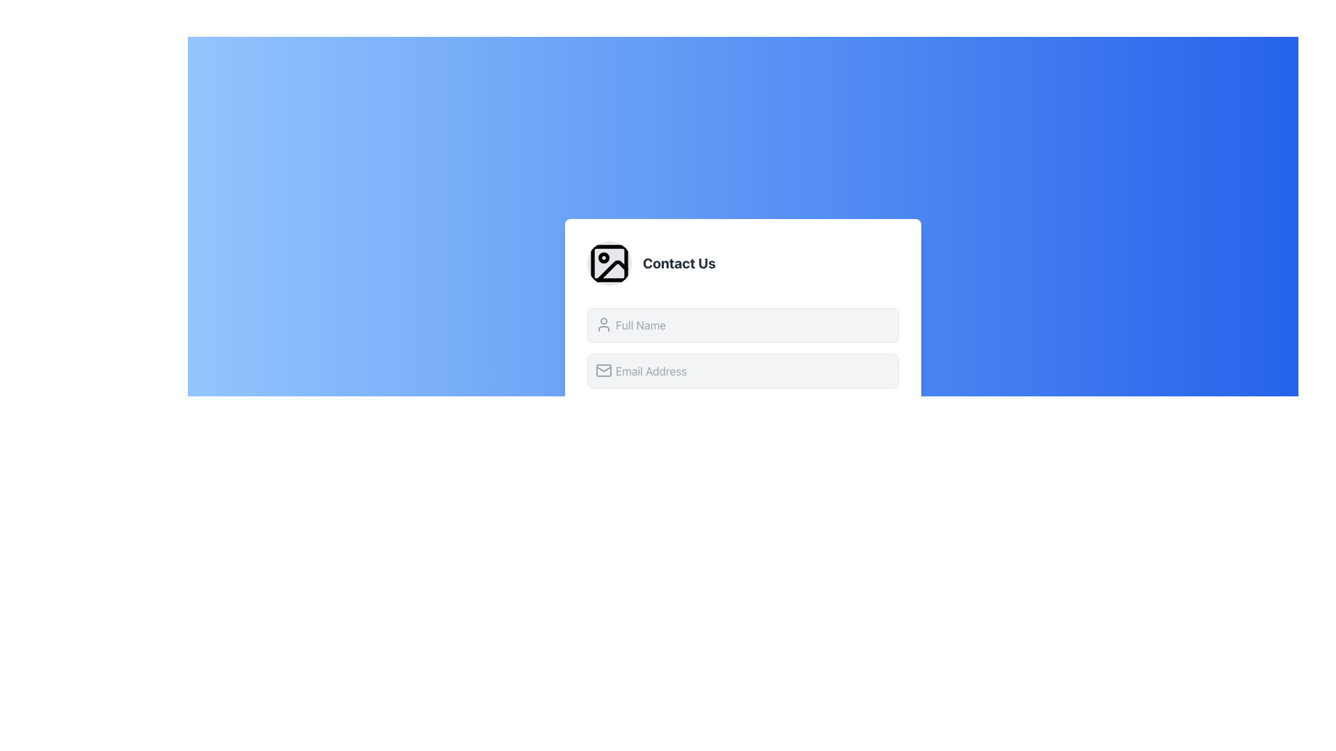 Image resolution: width=1336 pixels, height=751 pixels. Describe the element at coordinates (604, 369) in the screenshot. I see `the envelope icon's main body, which is a rectangular box with rounded corners representing mail functionality, located to the left of the email address input field in the Contact Us form` at that location.